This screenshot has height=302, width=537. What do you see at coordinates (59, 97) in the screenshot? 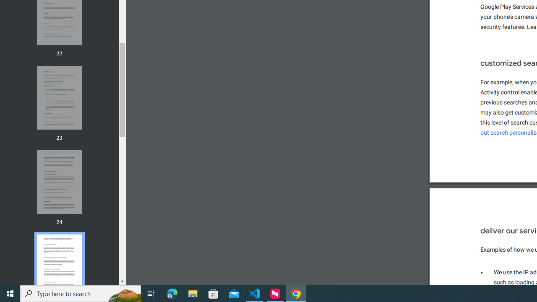
I see `'Thumbnail for page 23'` at bounding box center [59, 97].